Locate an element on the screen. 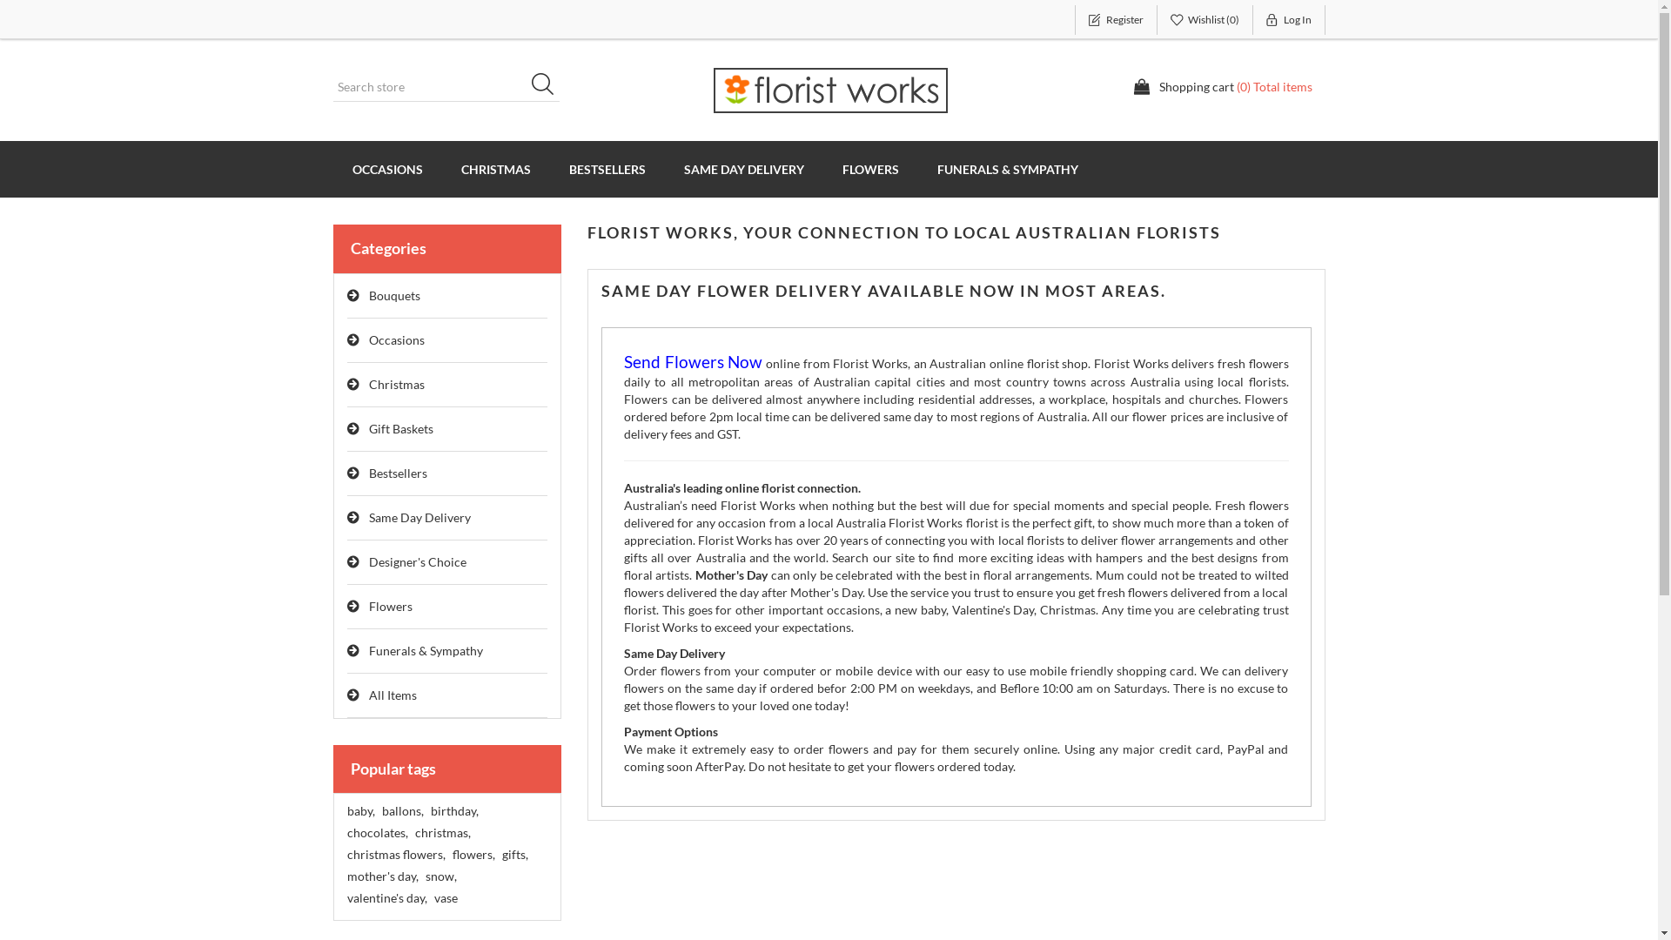 The width and height of the screenshot is (1671, 940). 'Send Flowers Now' is located at coordinates (692, 362).